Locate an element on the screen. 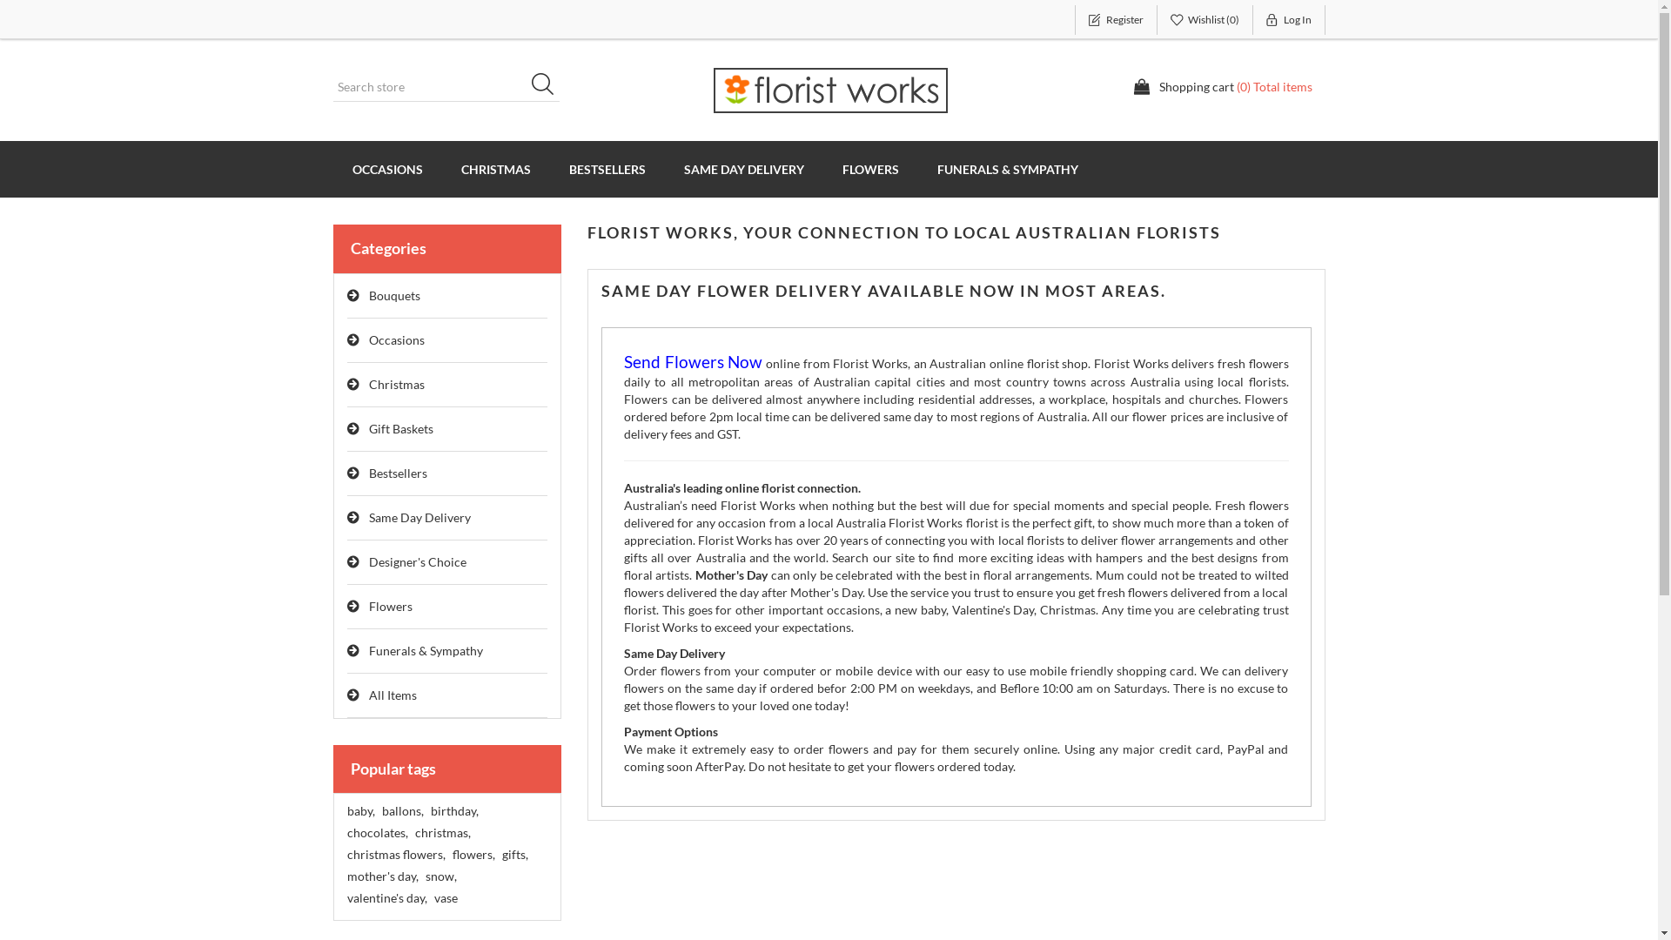 The width and height of the screenshot is (1671, 940). 'Send Flowers Now' is located at coordinates (692, 362).